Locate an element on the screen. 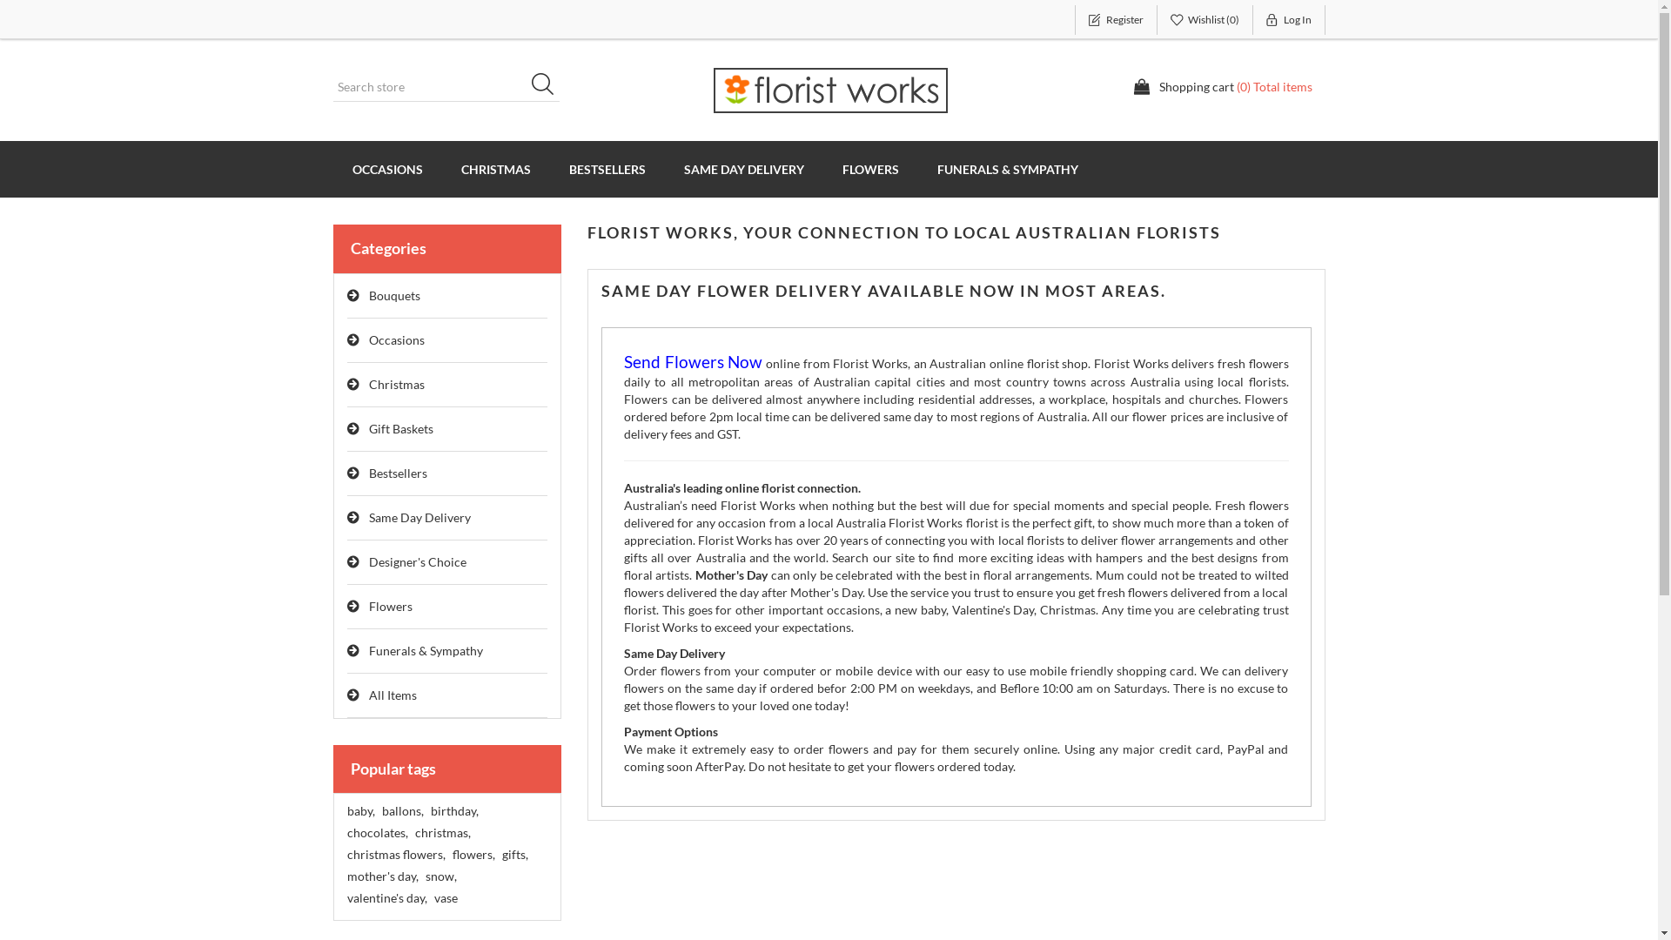 The width and height of the screenshot is (1671, 940). 'Send Flowers Now' is located at coordinates (692, 362).